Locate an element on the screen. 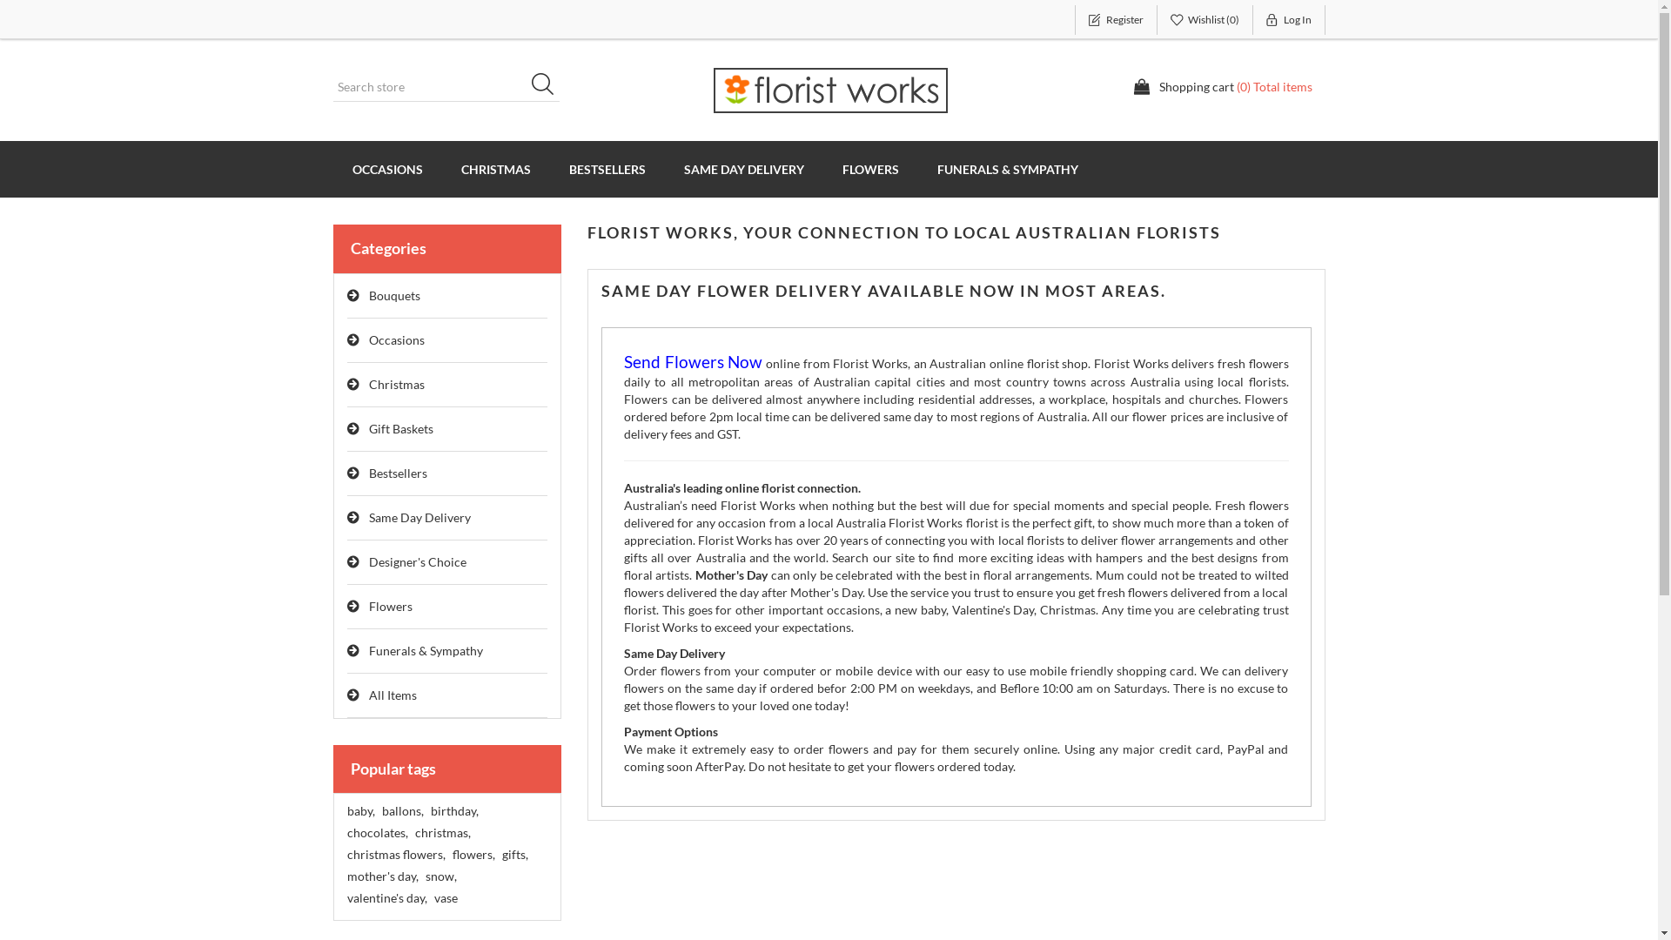 The width and height of the screenshot is (1671, 940). 'Send Flowers Now' is located at coordinates (692, 362).